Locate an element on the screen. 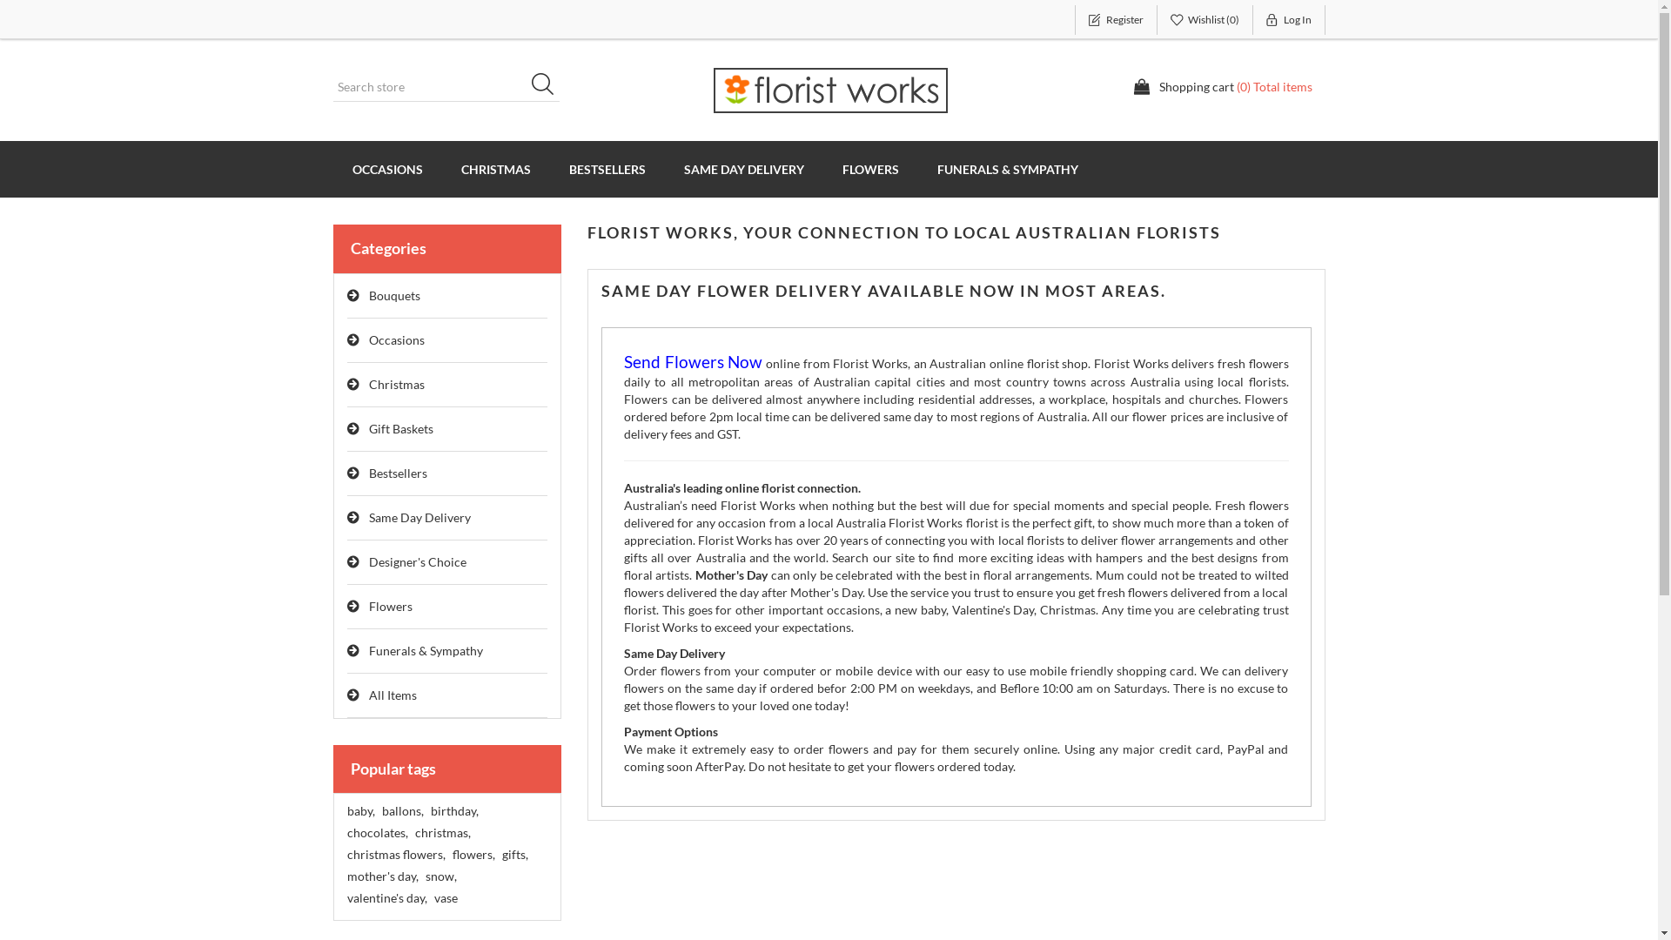 The width and height of the screenshot is (1671, 940). 'Send Flowers Now' is located at coordinates (692, 362).